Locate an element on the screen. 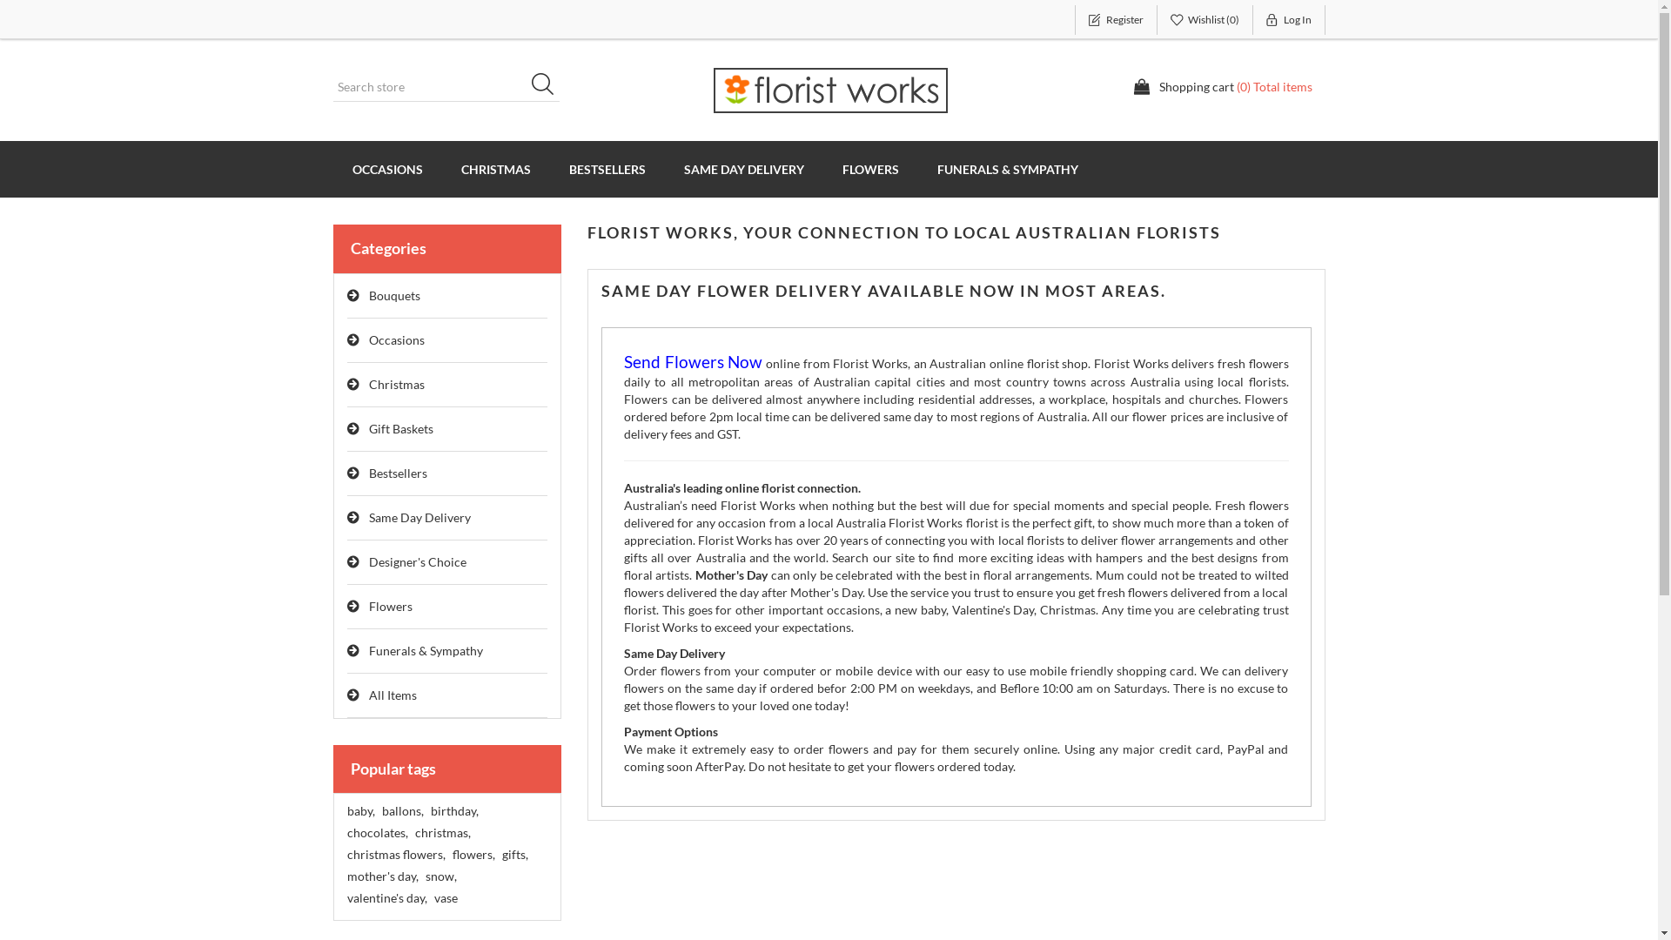 The width and height of the screenshot is (1671, 940). 'Send Flowers Now' is located at coordinates (692, 362).